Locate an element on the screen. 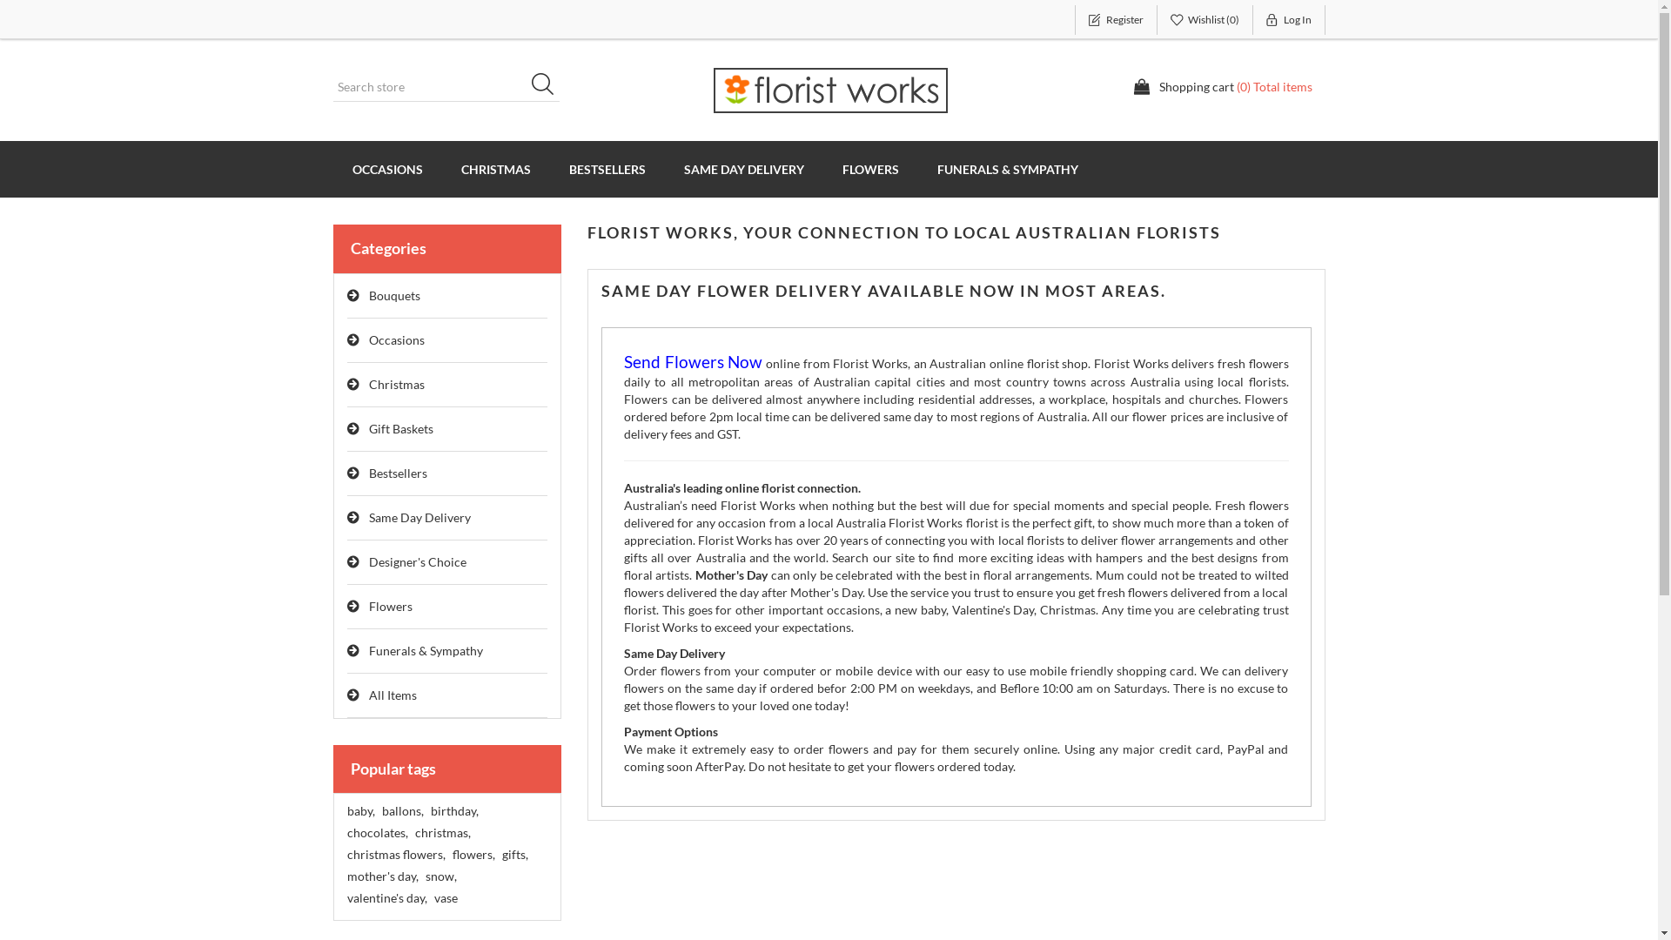 The width and height of the screenshot is (1671, 940). 'Send Flowers Now' is located at coordinates (692, 362).